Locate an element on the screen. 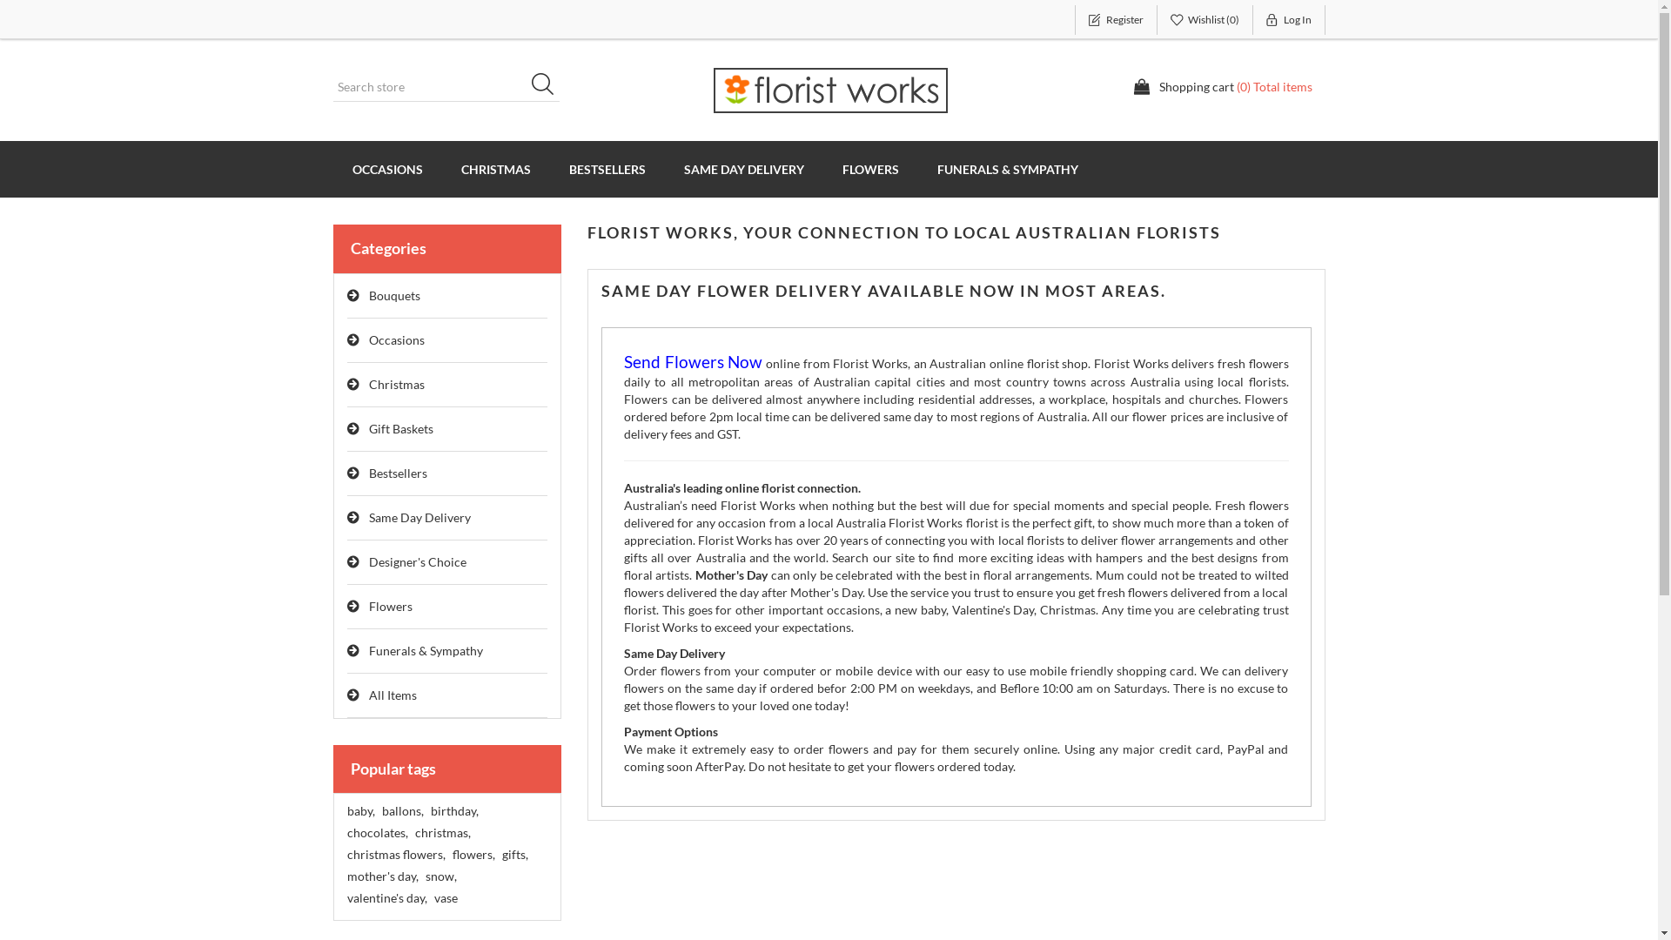 The width and height of the screenshot is (1671, 940). 'Send Flowers Now' is located at coordinates (692, 362).